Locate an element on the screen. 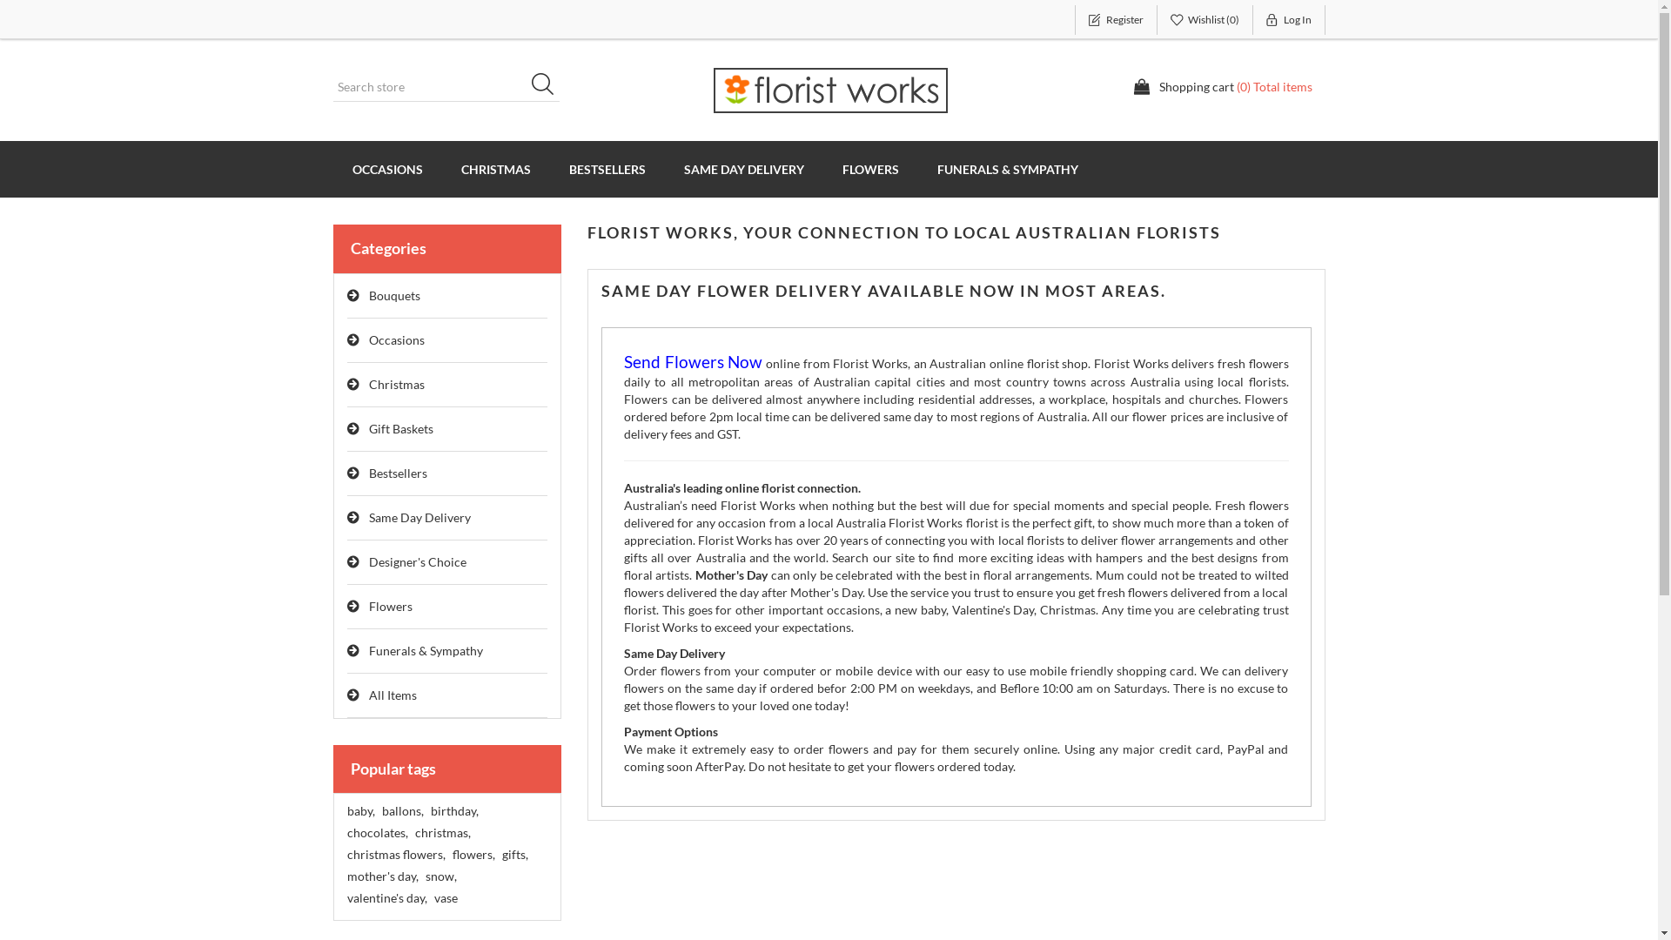 The width and height of the screenshot is (1671, 940). 'Send Flowers Now' is located at coordinates (692, 362).